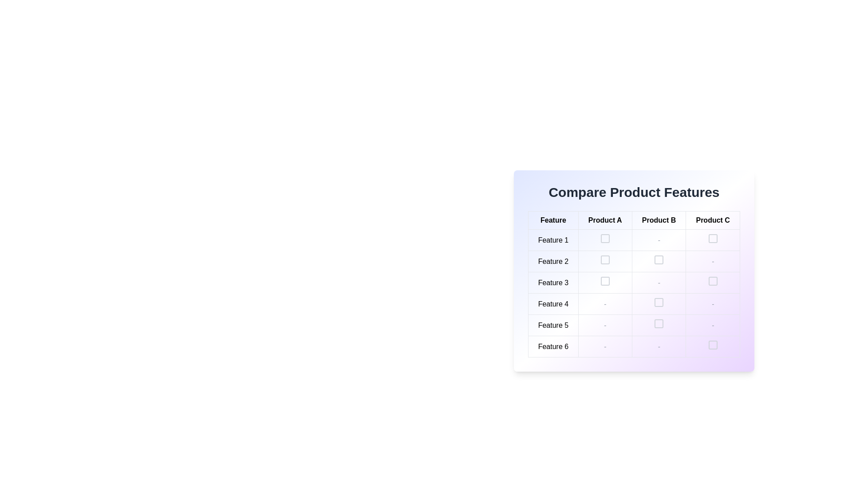  I want to click on the interactive rounded square icon within the SVG element located in the 'Product C' column for 'Feature 3' in the comparison table, so click(713, 281).